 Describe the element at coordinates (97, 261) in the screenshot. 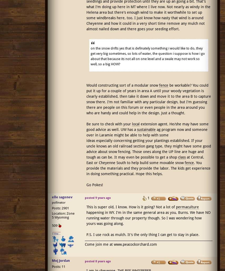

I see `'posted 8 years ago'` at that location.